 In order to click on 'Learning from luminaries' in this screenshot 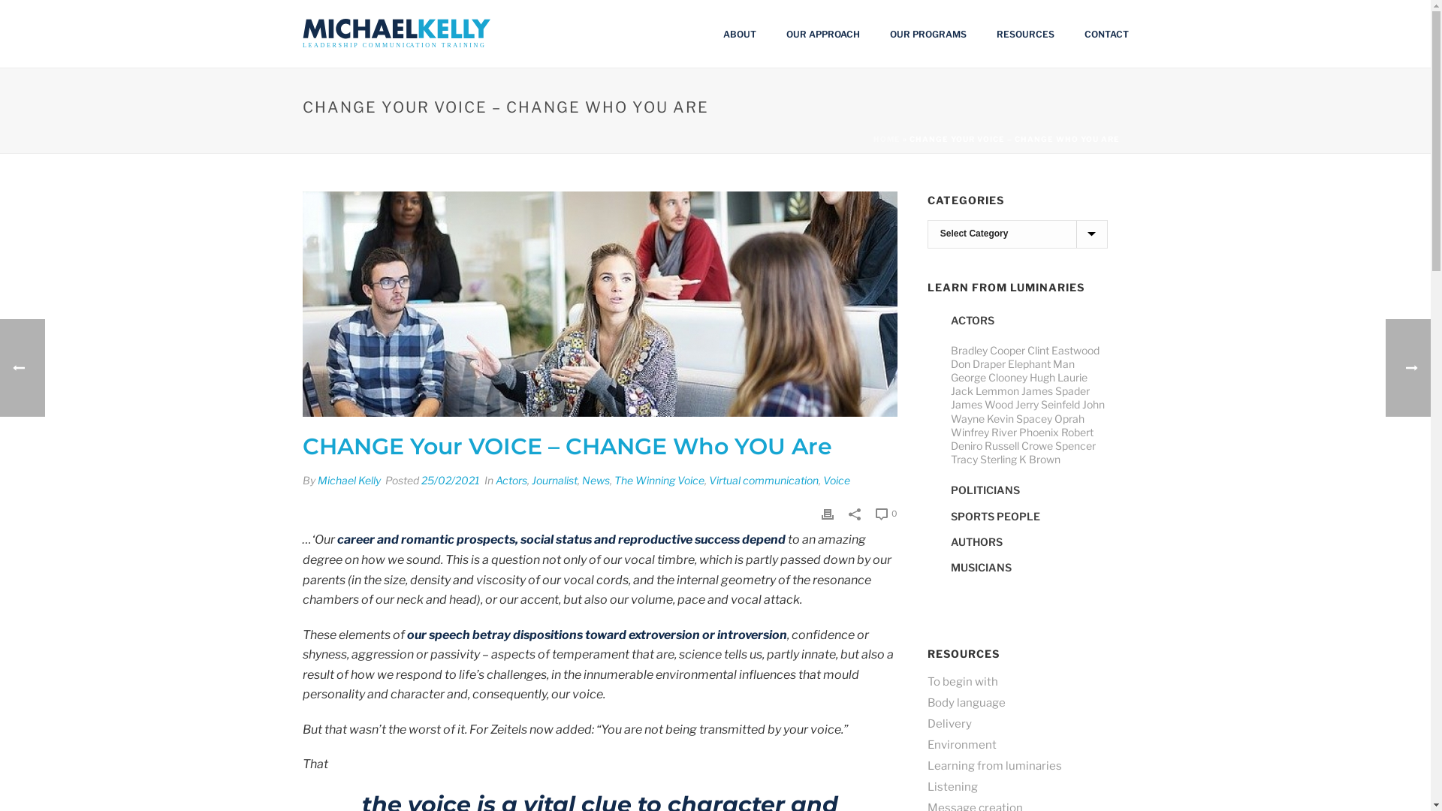, I will do `click(994, 765)`.